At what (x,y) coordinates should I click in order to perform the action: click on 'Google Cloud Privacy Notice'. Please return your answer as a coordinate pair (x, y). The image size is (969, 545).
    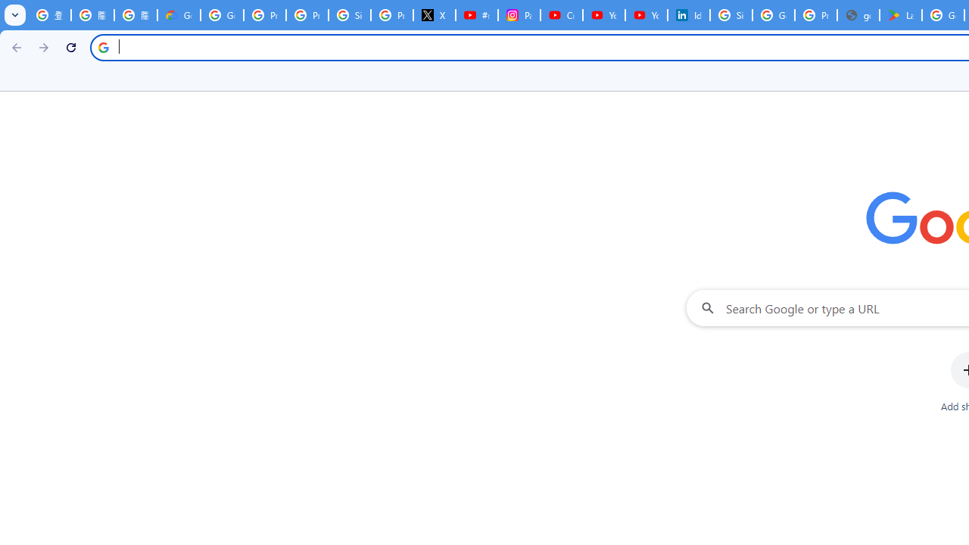
    Looking at the image, I should click on (179, 15).